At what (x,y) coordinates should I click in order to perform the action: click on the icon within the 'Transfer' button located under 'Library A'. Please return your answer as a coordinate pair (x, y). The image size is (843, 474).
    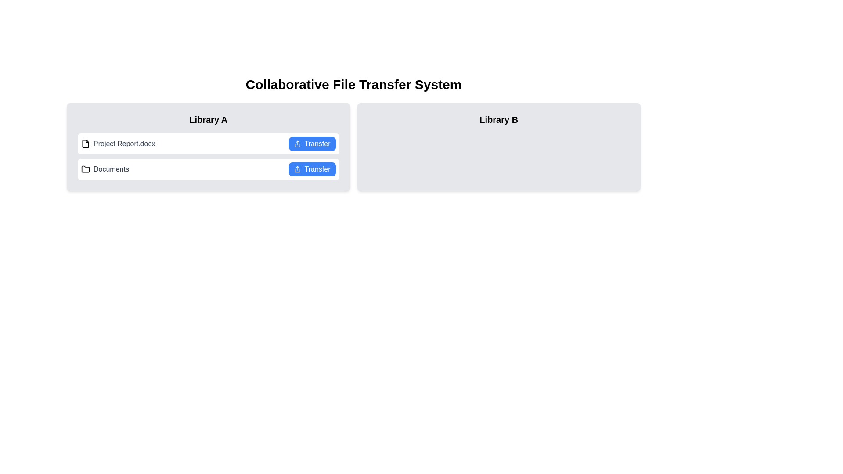
    Looking at the image, I should click on (297, 169).